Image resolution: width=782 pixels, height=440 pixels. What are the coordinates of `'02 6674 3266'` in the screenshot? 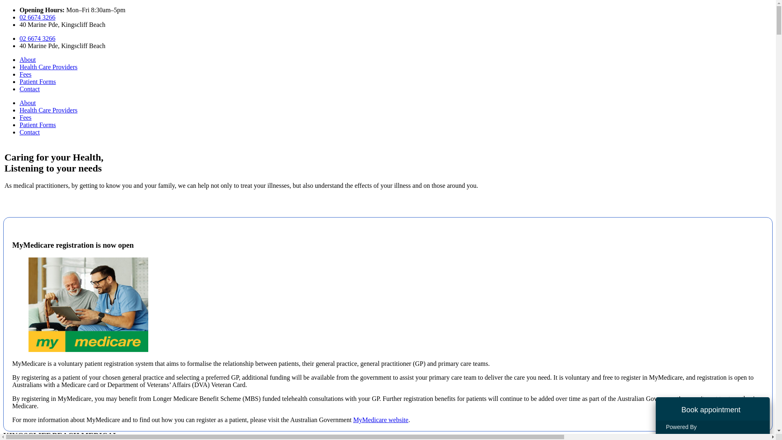 It's located at (37, 17).